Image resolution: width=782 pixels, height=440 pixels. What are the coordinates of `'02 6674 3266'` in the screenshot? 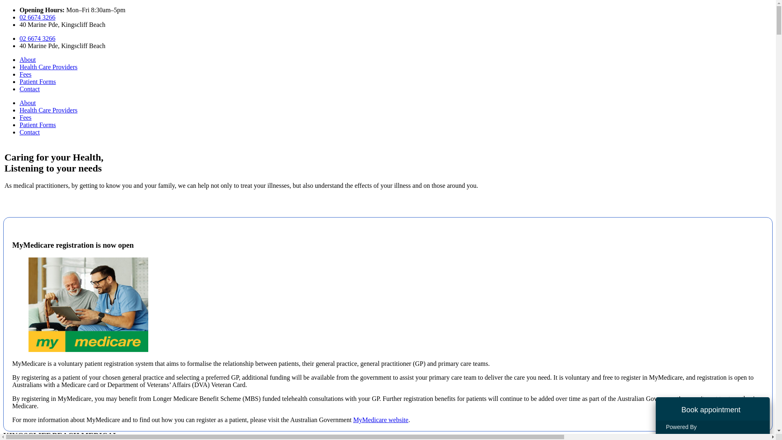 It's located at (37, 17).